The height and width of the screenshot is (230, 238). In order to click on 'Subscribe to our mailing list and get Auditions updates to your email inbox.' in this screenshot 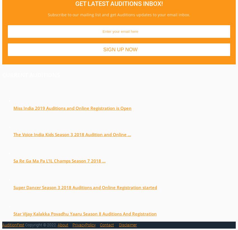, I will do `click(119, 14)`.